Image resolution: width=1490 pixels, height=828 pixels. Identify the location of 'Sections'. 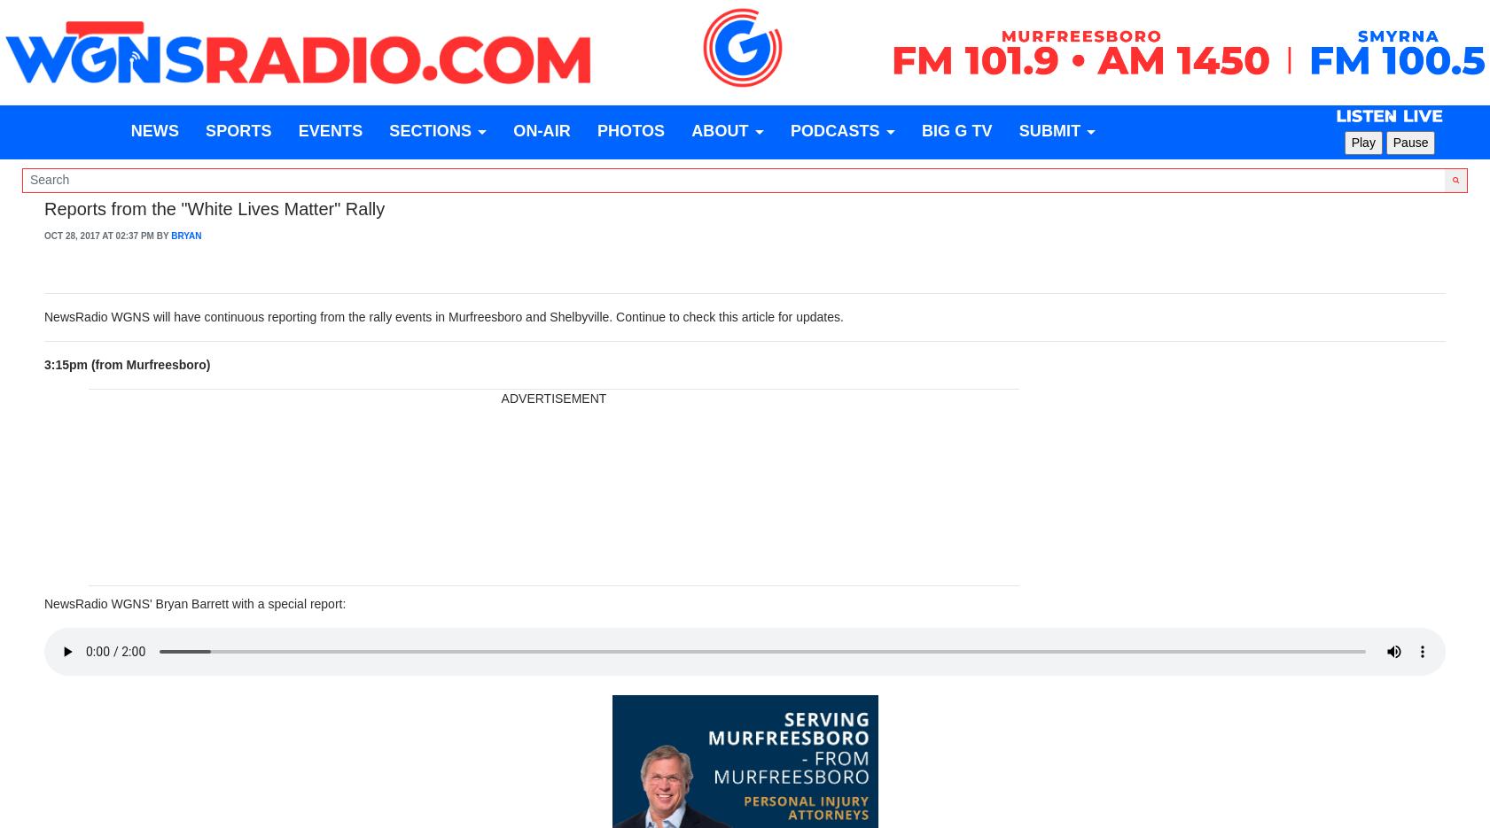
(388, 131).